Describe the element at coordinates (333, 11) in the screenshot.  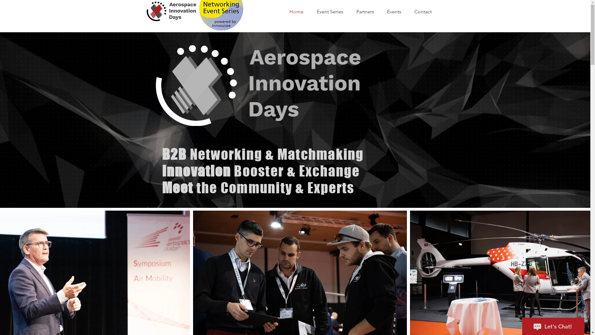
I see `'Event Series'` at that location.